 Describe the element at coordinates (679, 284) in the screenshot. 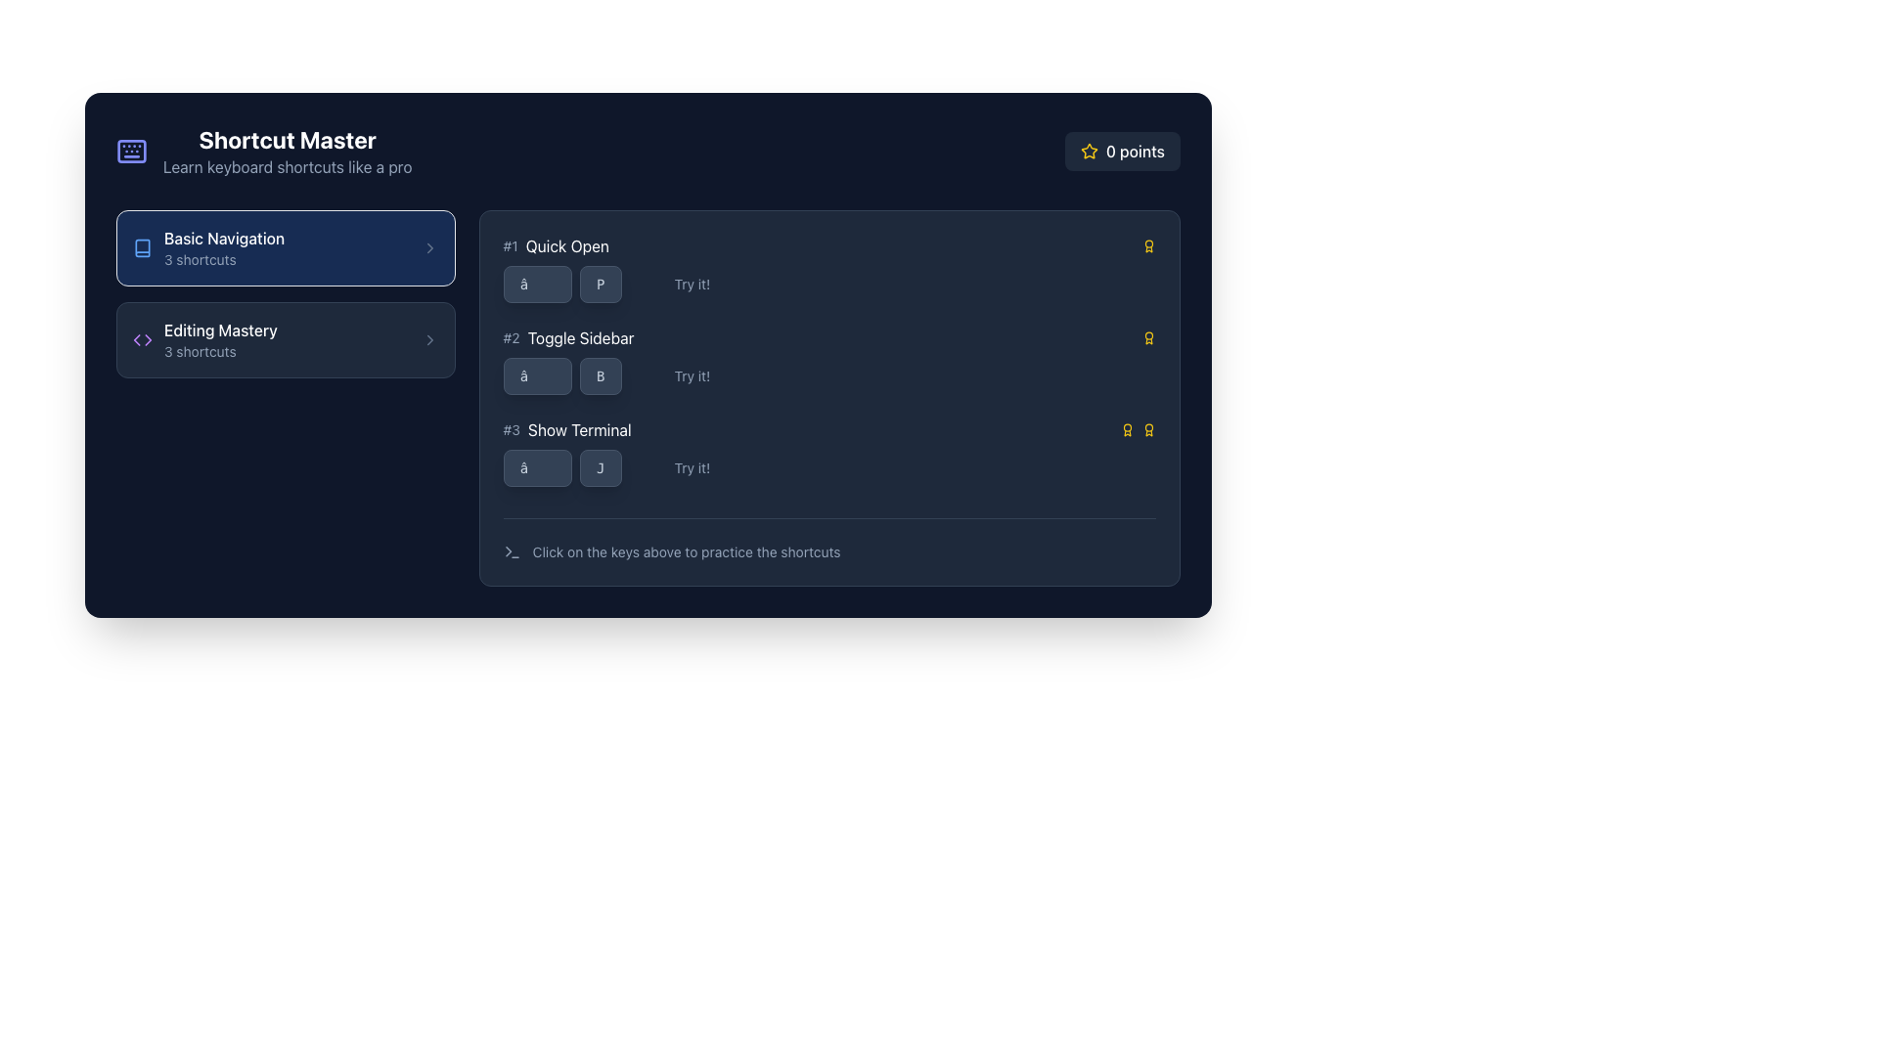

I see `the 'Try it!' button located in the 'Quick Open' section on the right-hand side of the interface` at that location.